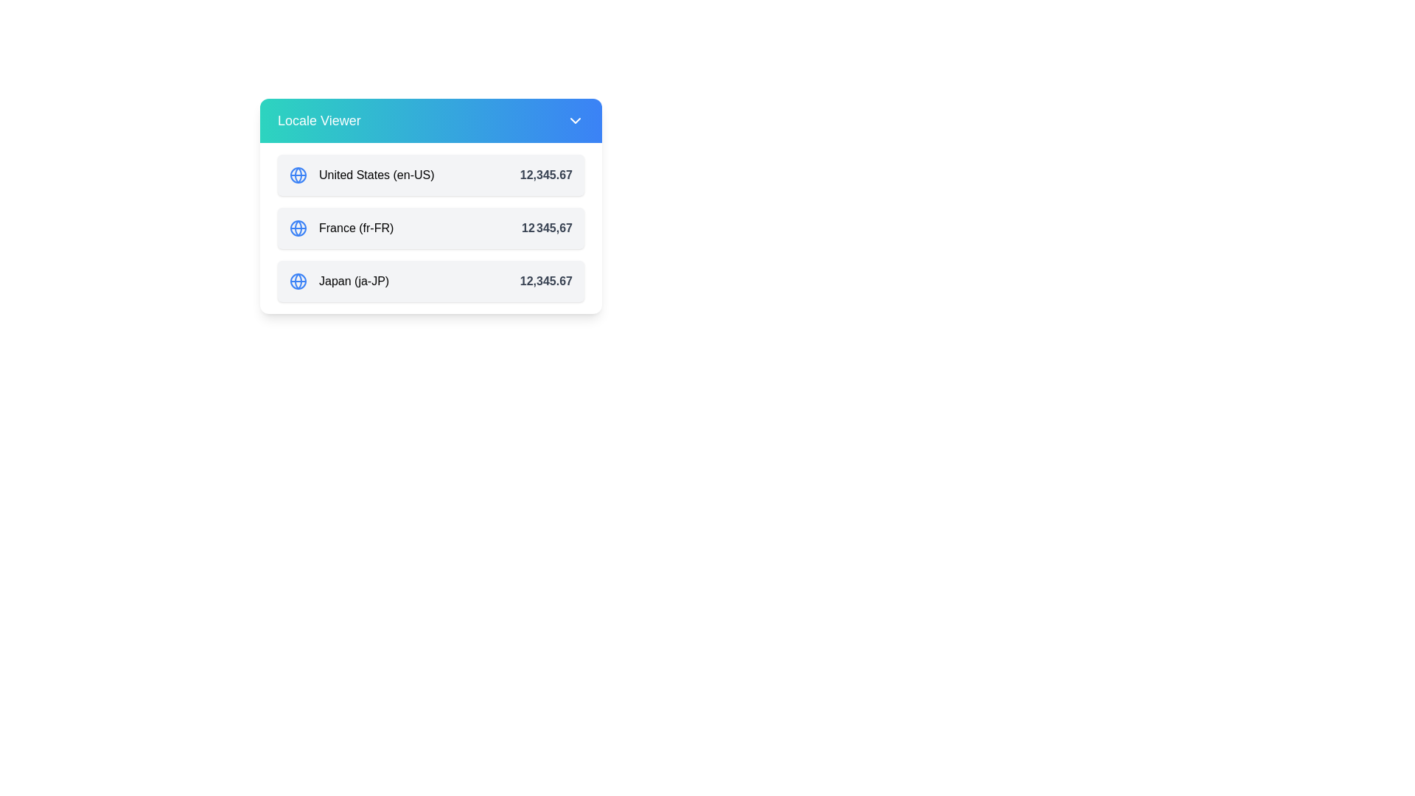  What do you see at coordinates (297, 228) in the screenshot?
I see `the global icon located to the left of the 'France (fr-FR)' label in the second row of the 'Locale Viewer' card` at bounding box center [297, 228].